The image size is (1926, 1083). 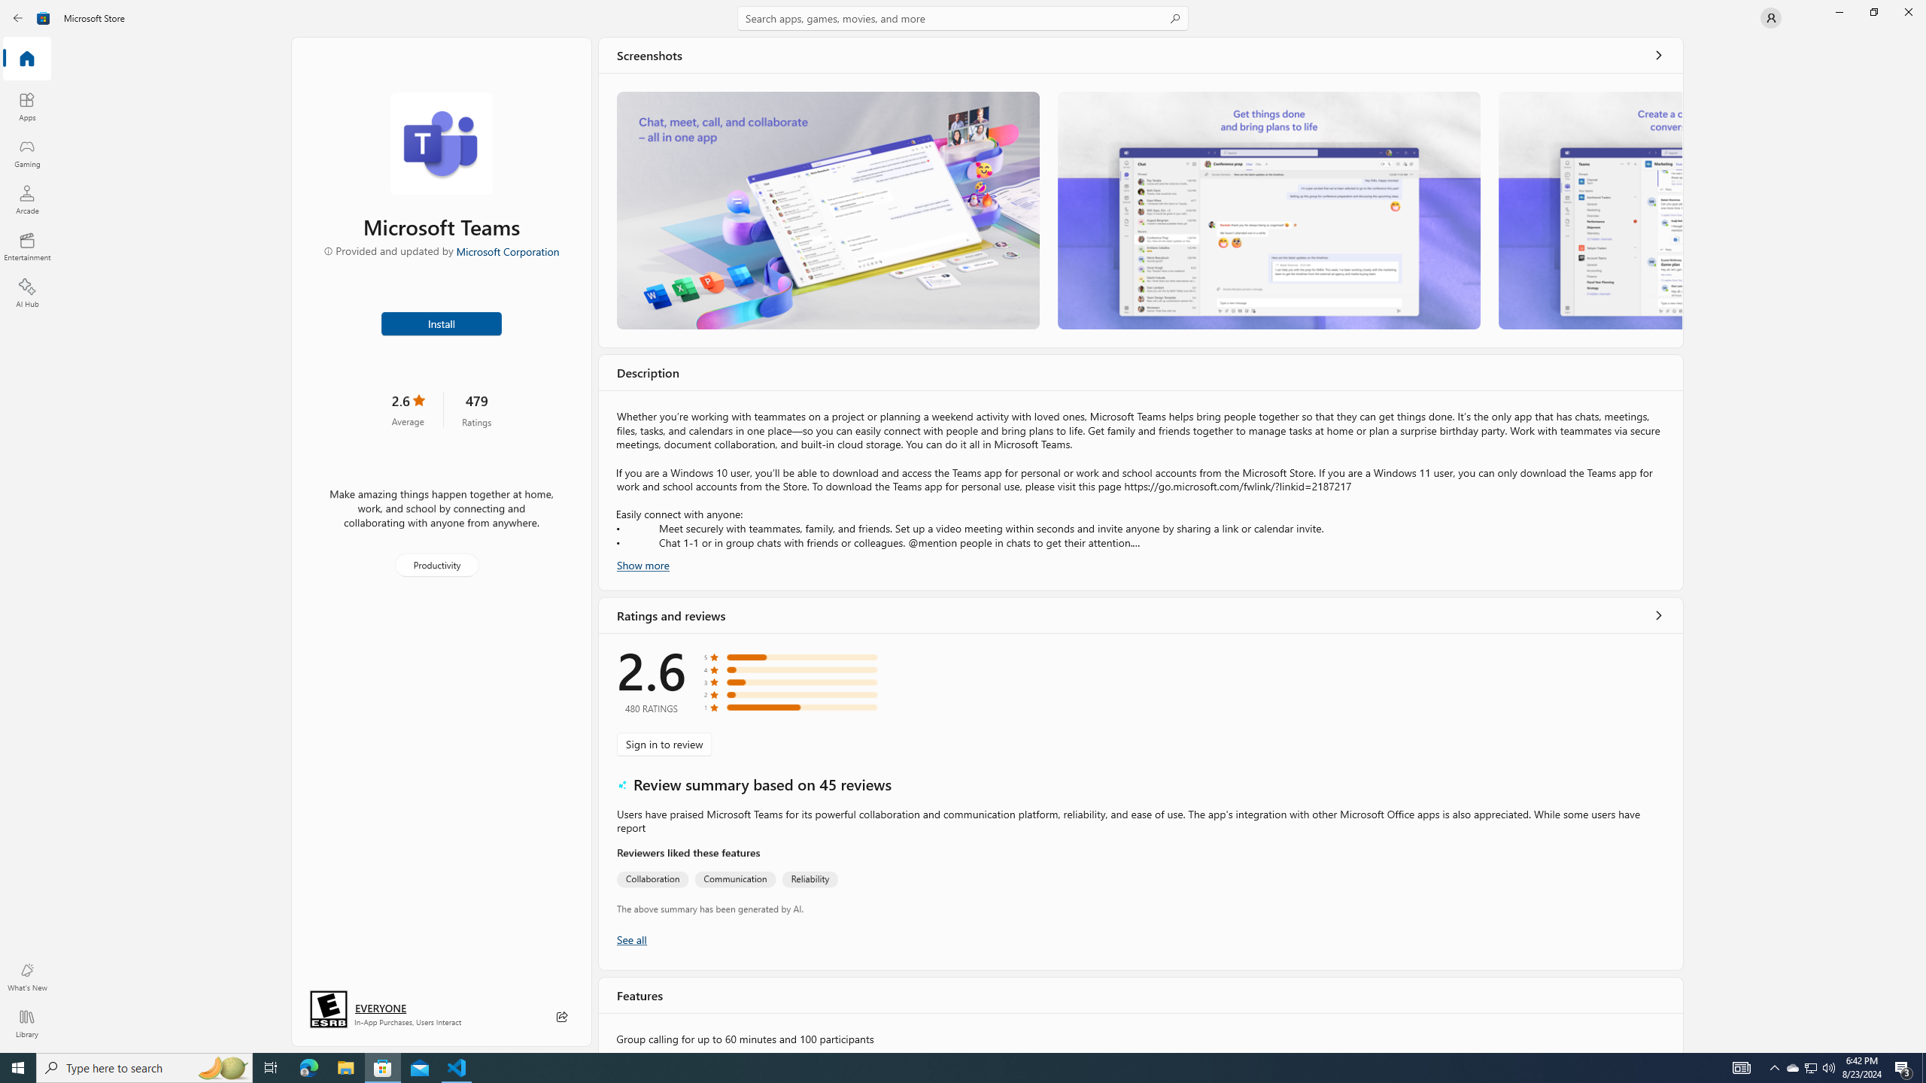 What do you see at coordinates (1269, 210) in the screenshot?
I see `'Screenshot 2'` at bounding box center [1269, 210].